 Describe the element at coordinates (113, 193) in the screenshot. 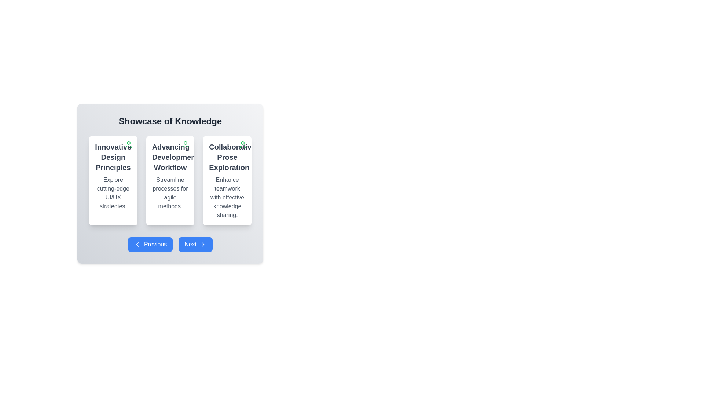

I see `the informational text element displaying 'Explore cutting-edge UI/UX strategies.' which is styled in gray color and centrally aligned, located below the header 'Innovative Design Principles'` at that location.